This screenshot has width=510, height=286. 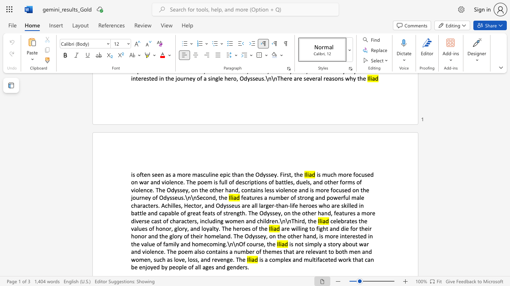 What do you see at coordinates (183, 243) in the screenshot?
I see `the subset text "nd homecoming.\n\nOf course" within the text "are willing to fight and die for their honor and the glory of their homeland. The Odyssey, on the other hand, is more interested in the value of family and homecoming.\n\nOf course, the"` at bounding box center [183, 243].